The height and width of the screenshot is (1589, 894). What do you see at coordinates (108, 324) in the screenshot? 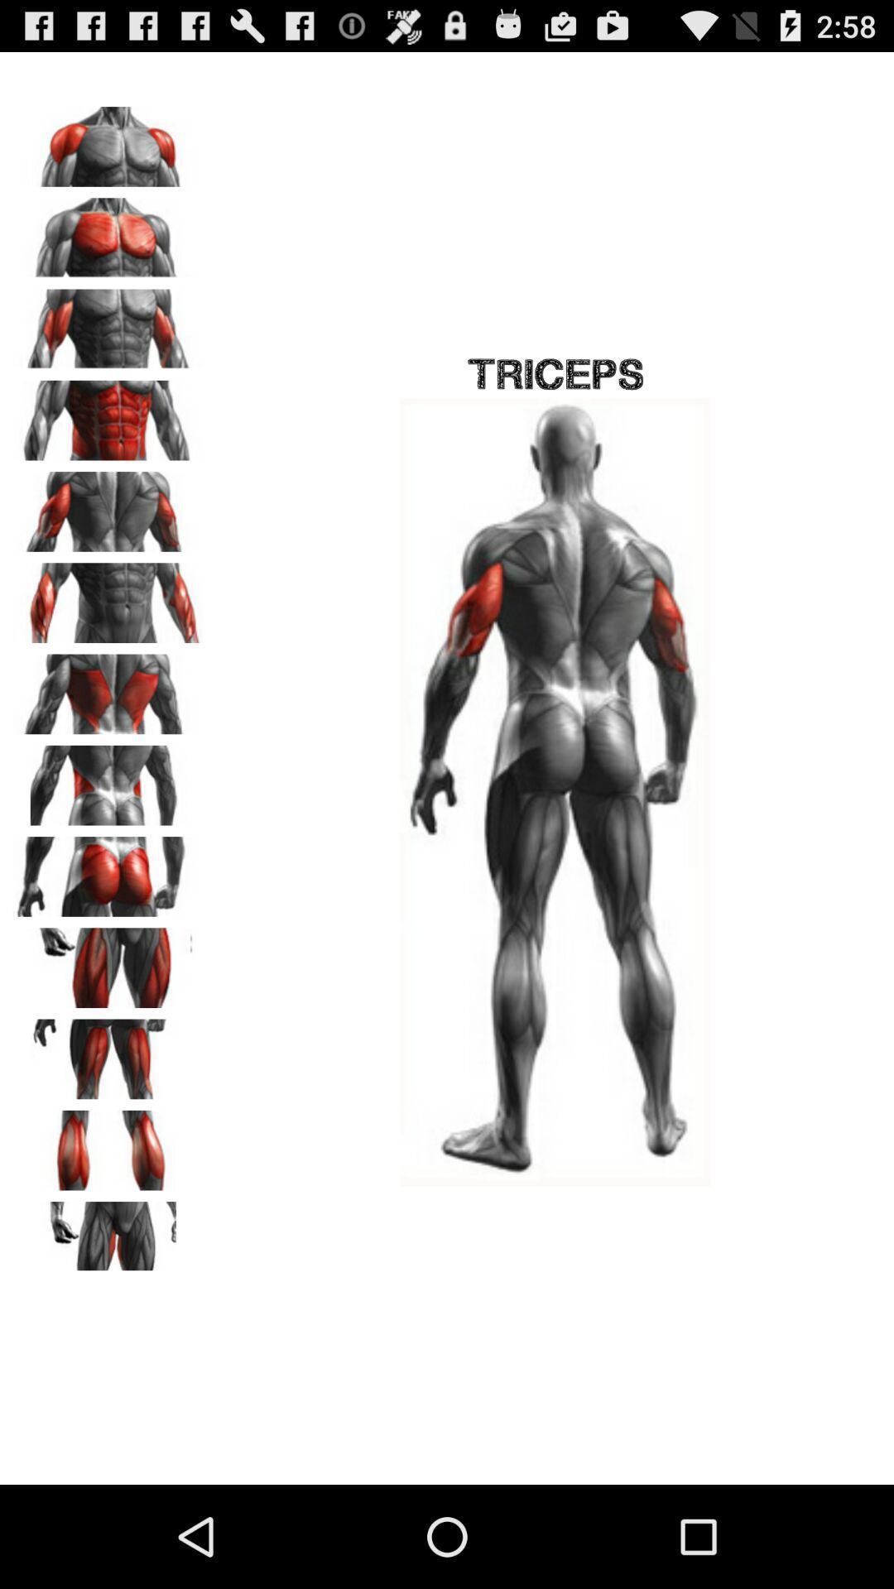
I see `third muscle body image` at bounding box center [108, 324].